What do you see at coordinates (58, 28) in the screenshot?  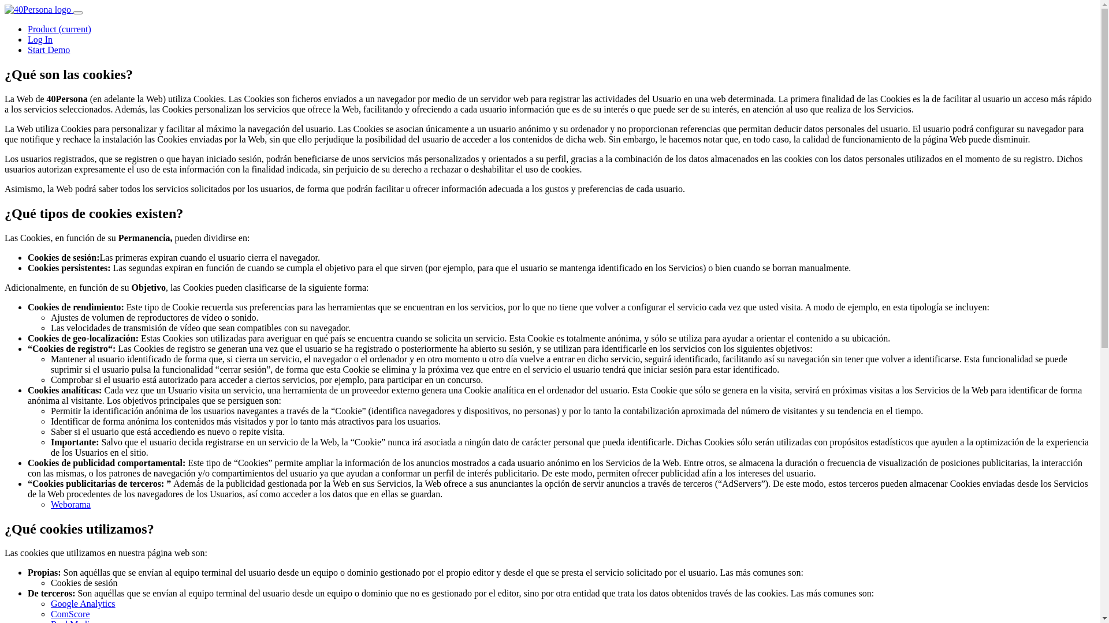 I see `'Product (current)'` at bounding box center [58, 28].